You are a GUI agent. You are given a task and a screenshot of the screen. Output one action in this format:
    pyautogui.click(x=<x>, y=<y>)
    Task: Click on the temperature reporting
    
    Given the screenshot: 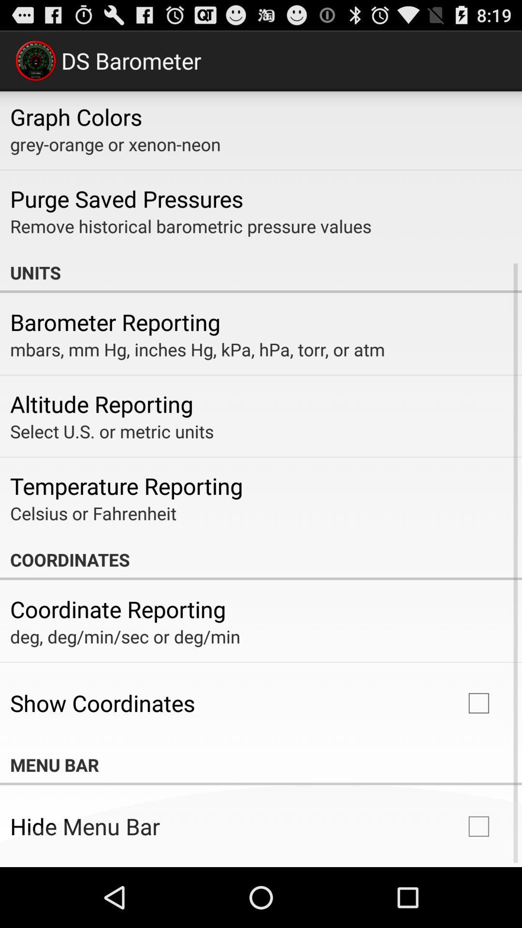 What is the action you would take?
    pyautogui.click(x=126, y=486)
    